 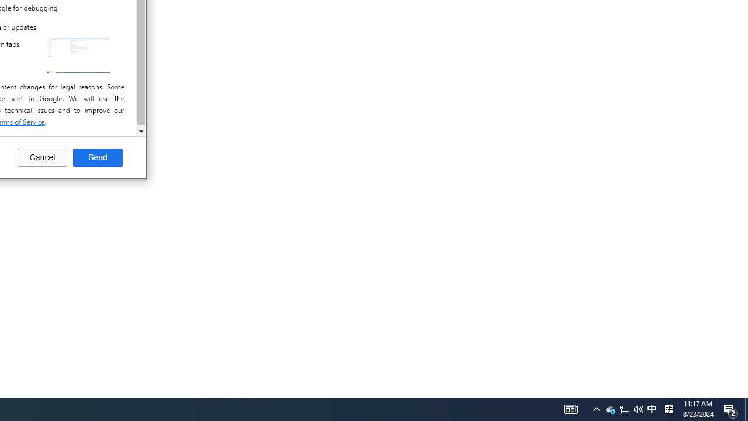 What do you see at coordinates (624, 408) in the screenshot?
I see `'User Promoted Notification Area'` at bounding box center [624, 408].